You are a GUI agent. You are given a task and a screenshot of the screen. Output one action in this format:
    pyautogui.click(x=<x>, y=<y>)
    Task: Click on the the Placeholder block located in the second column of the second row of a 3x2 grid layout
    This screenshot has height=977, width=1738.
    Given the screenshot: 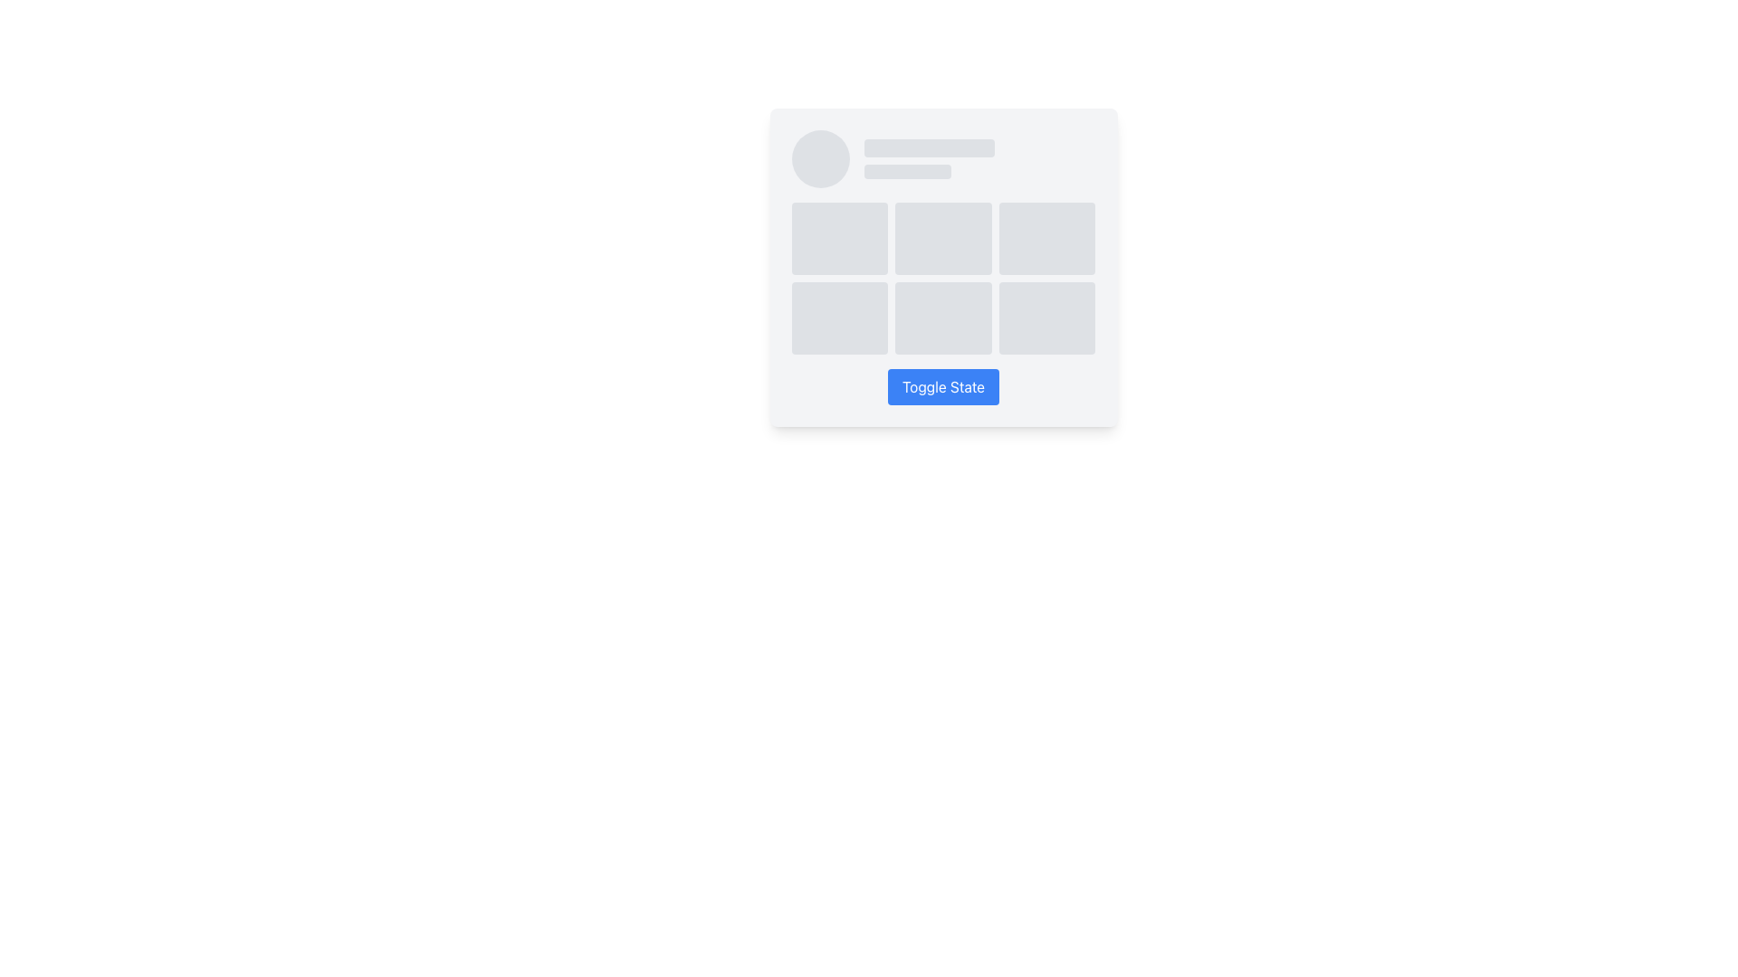 What is the action you would take?
    pyautogui.click(x=942, y=317)
    